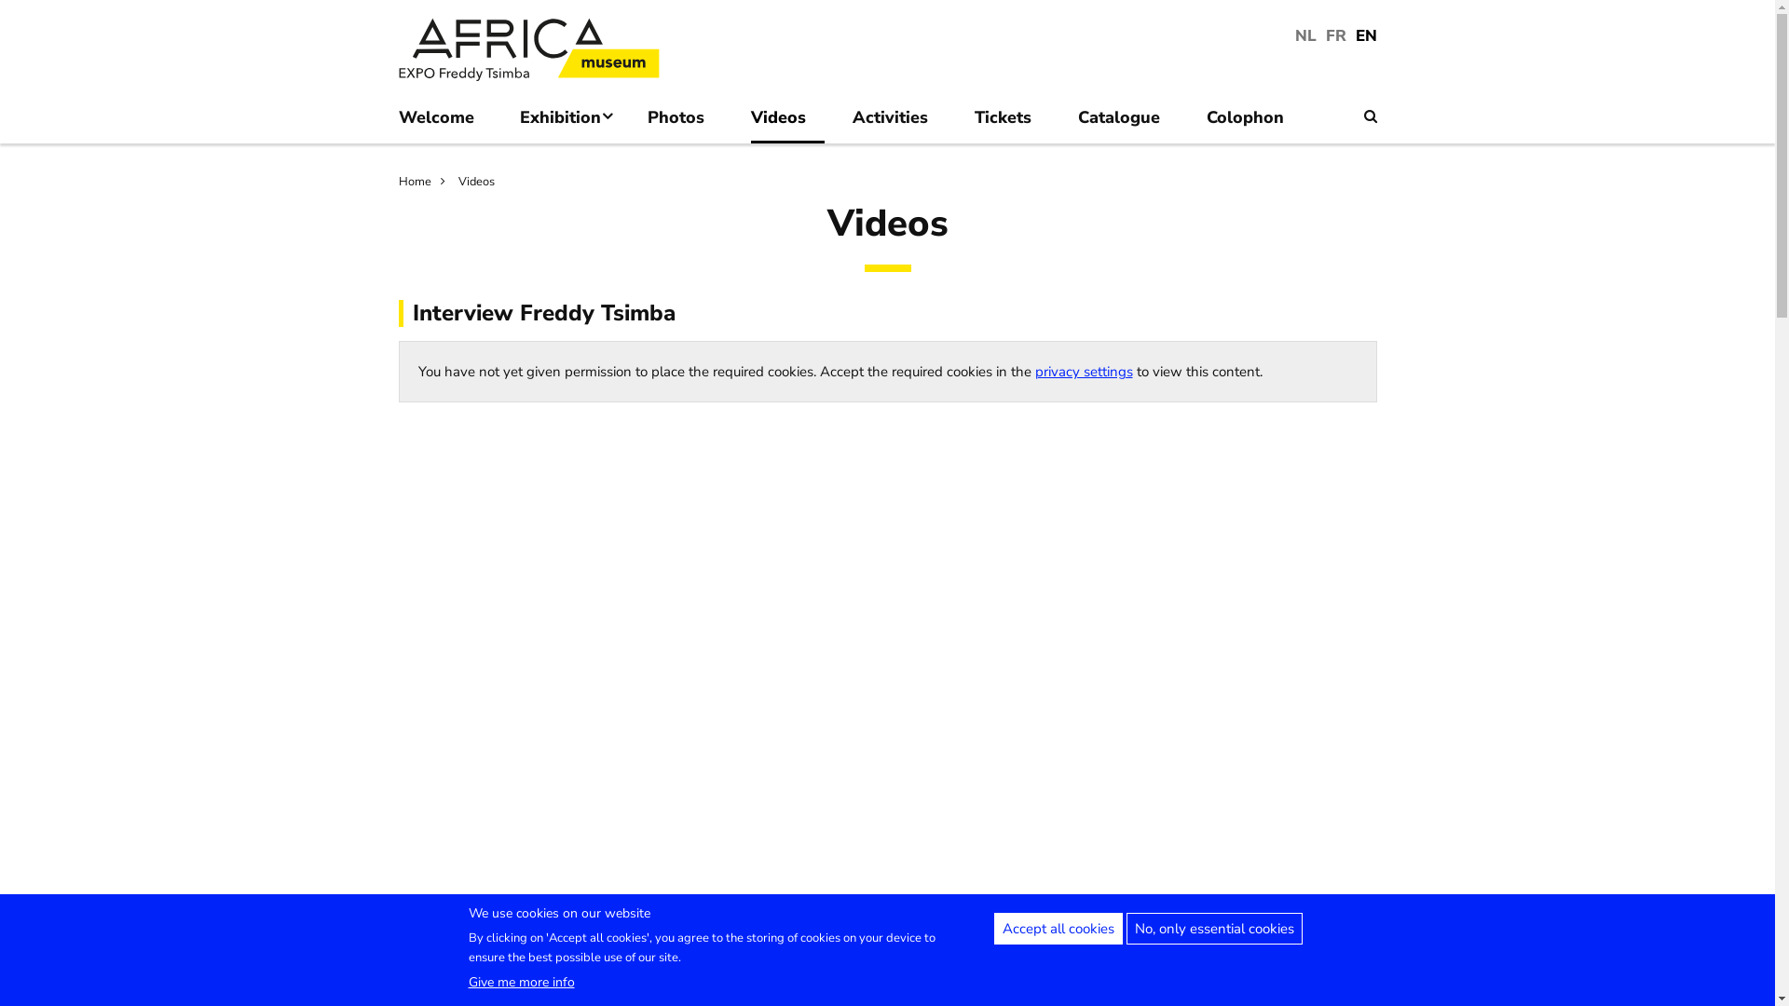  Describe the element at coordinates (1057, 928) in the screenshot. I see `'Accept all cookies'` at that location.